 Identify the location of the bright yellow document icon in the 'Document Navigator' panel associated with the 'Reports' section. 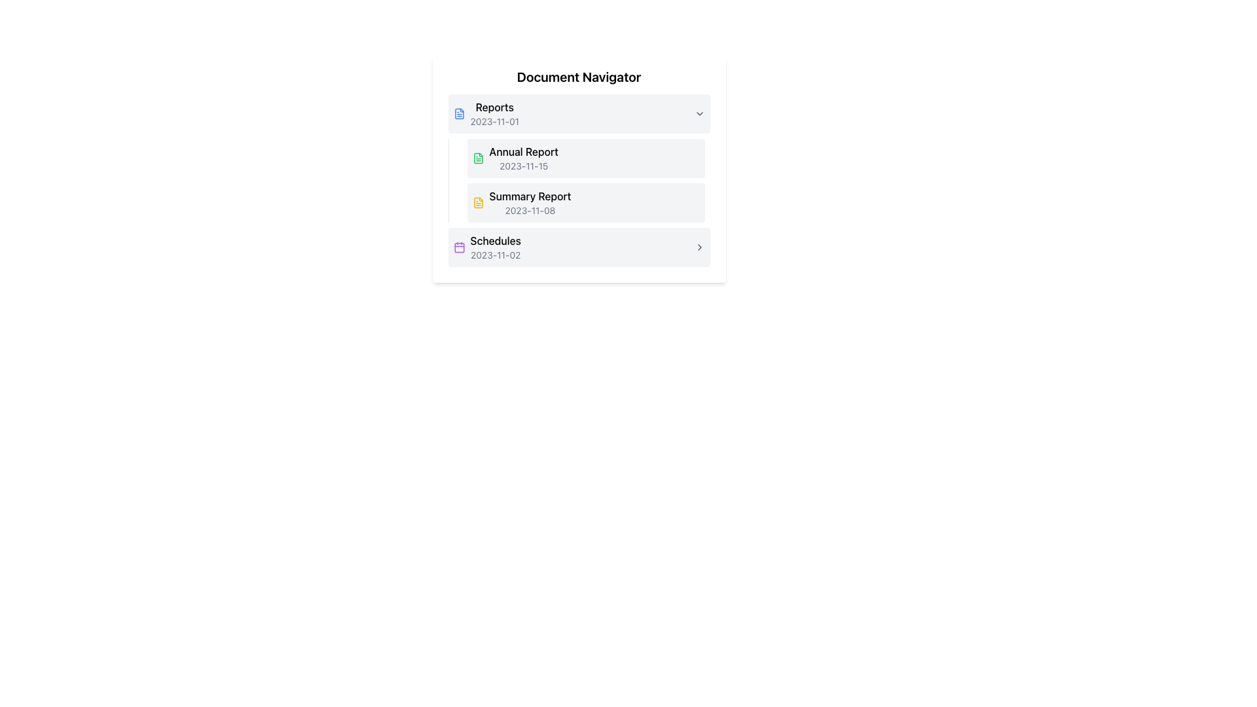
(477, 202).